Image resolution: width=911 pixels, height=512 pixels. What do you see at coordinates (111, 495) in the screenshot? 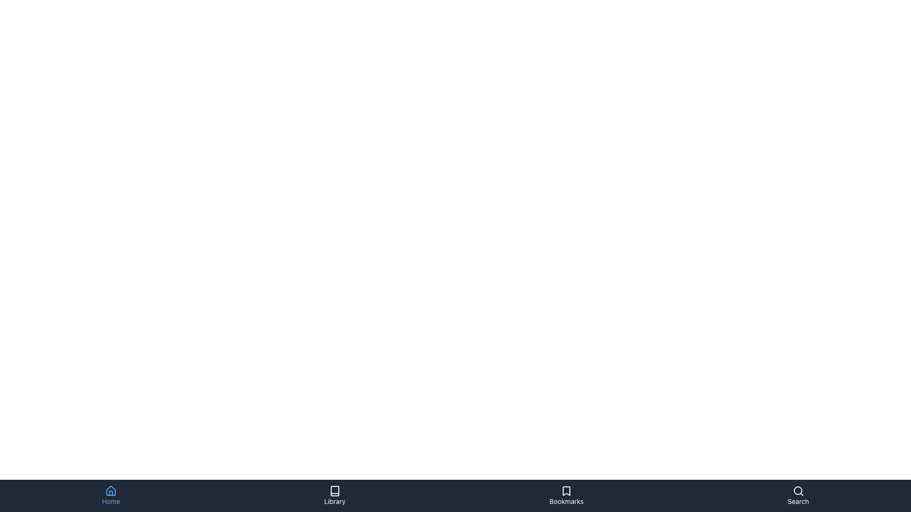
I see `the navigation button located at the far left of the bottom navigation bar, which redirects to the 'Home' page` at bounding box center [111, 495].